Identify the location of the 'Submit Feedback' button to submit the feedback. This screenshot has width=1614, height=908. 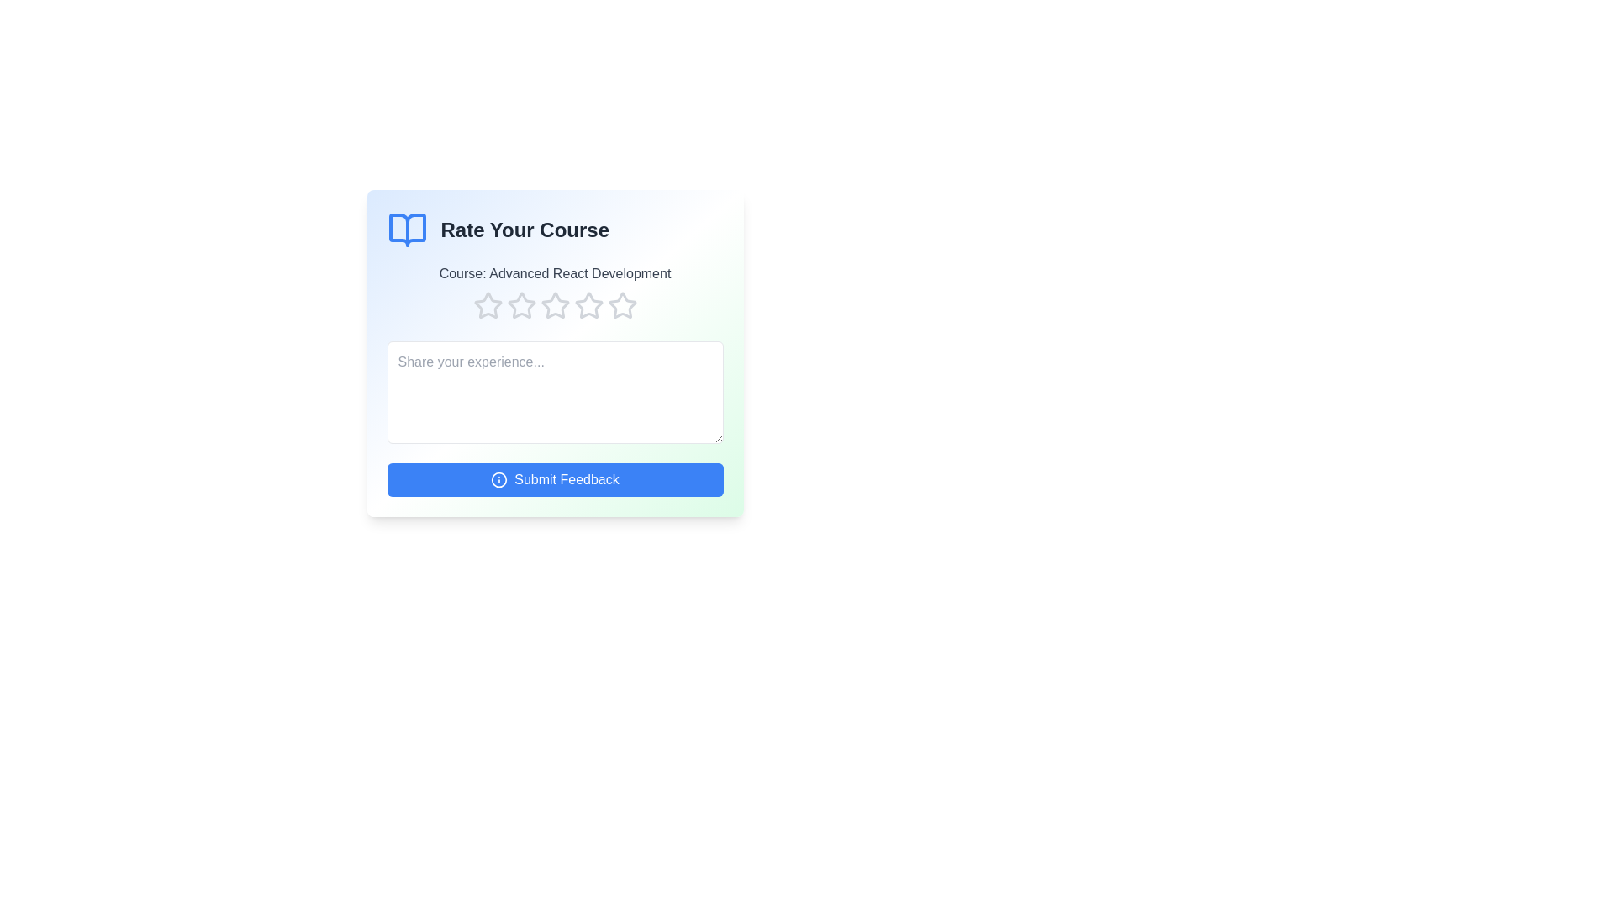
(555, 479).